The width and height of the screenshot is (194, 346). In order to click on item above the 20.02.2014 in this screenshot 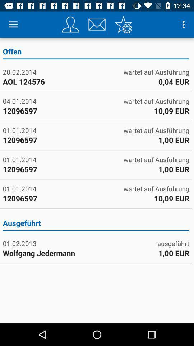, I will do `click(96, 52)`.